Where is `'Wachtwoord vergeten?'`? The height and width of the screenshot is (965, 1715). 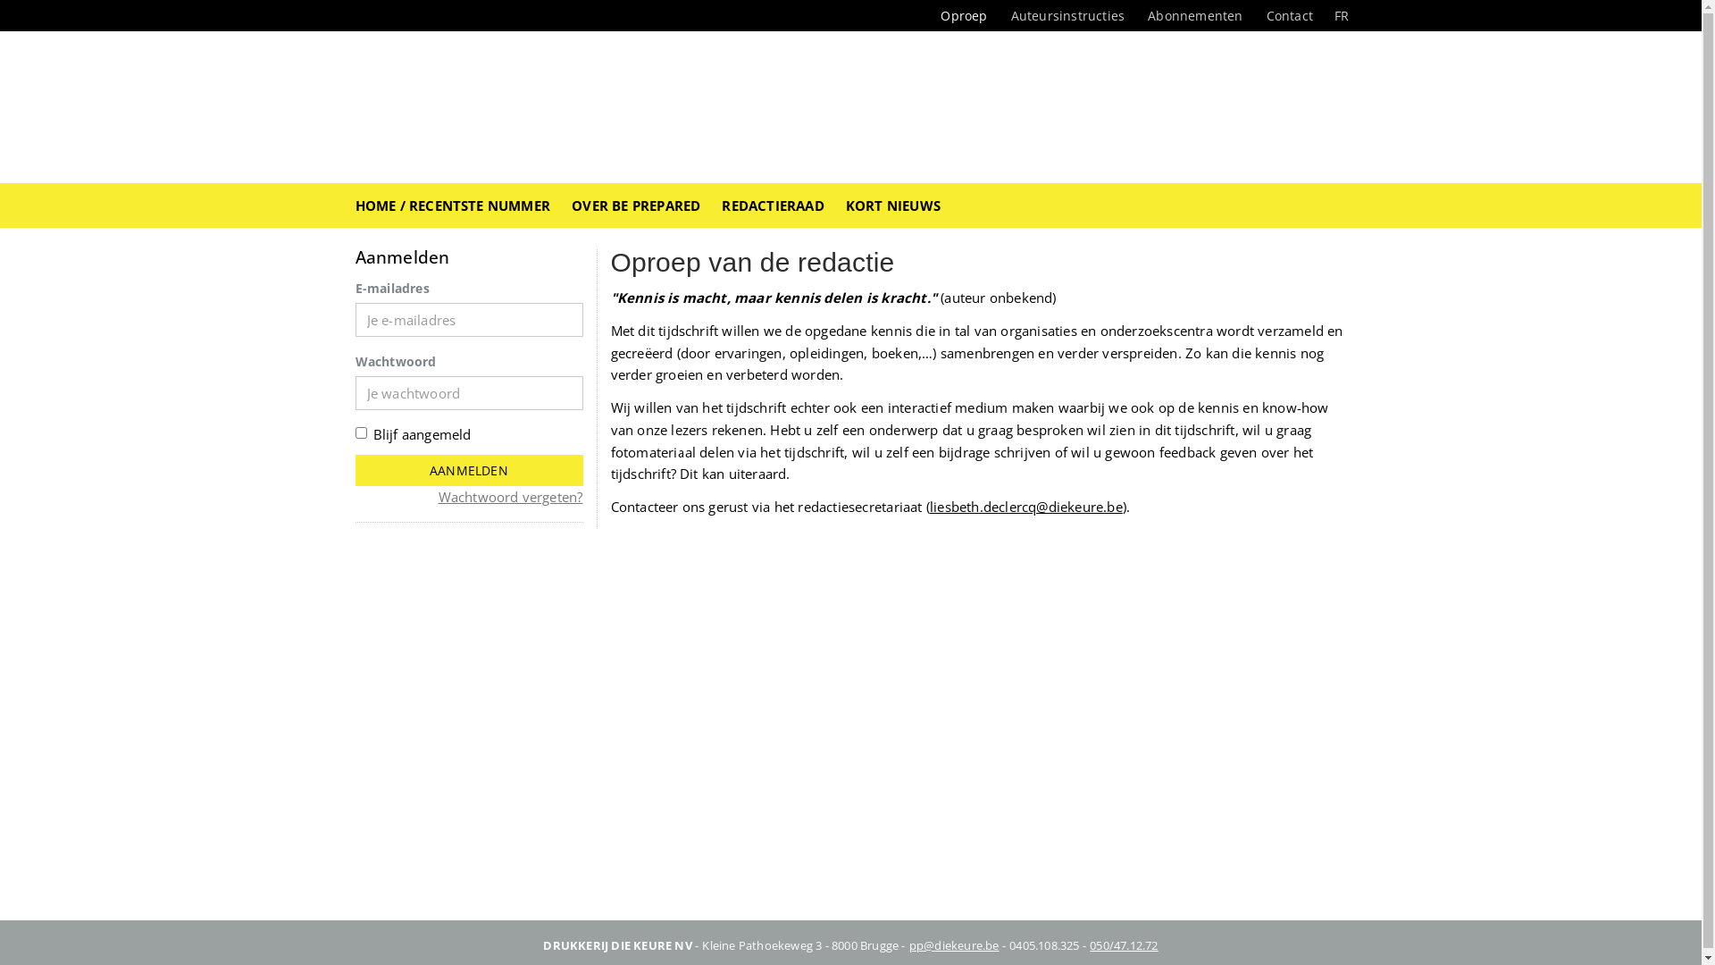 'Wachtwoord vergeten?' is located at coordinates (509, 496).